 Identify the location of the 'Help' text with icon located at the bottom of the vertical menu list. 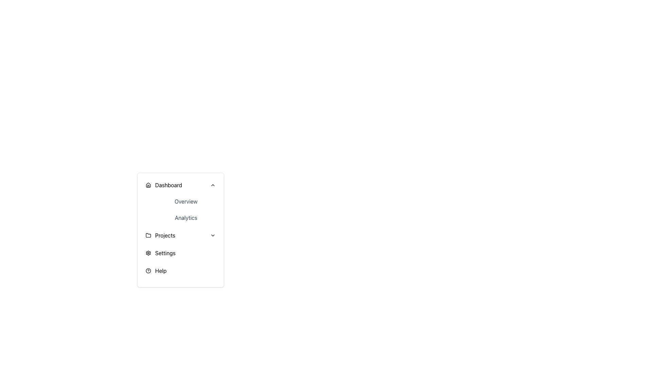
(156, 270).